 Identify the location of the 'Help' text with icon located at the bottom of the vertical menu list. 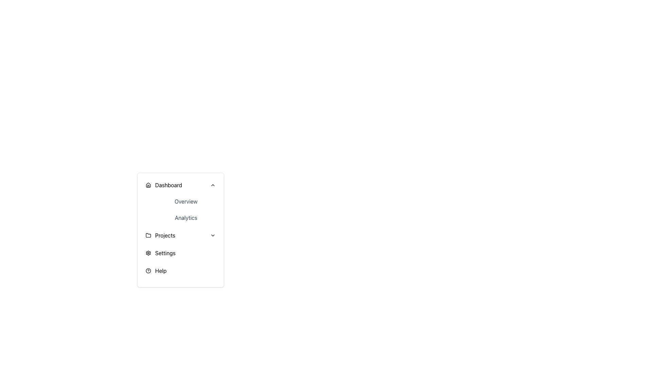
(156, 270).